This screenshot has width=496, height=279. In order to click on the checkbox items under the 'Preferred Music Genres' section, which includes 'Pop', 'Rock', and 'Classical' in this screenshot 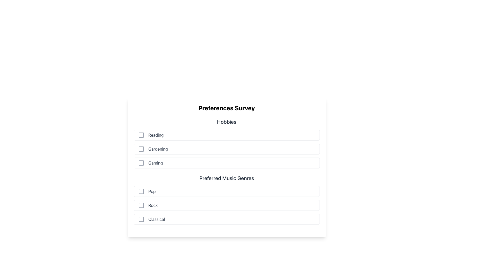, I will do `click(227, 199)`.